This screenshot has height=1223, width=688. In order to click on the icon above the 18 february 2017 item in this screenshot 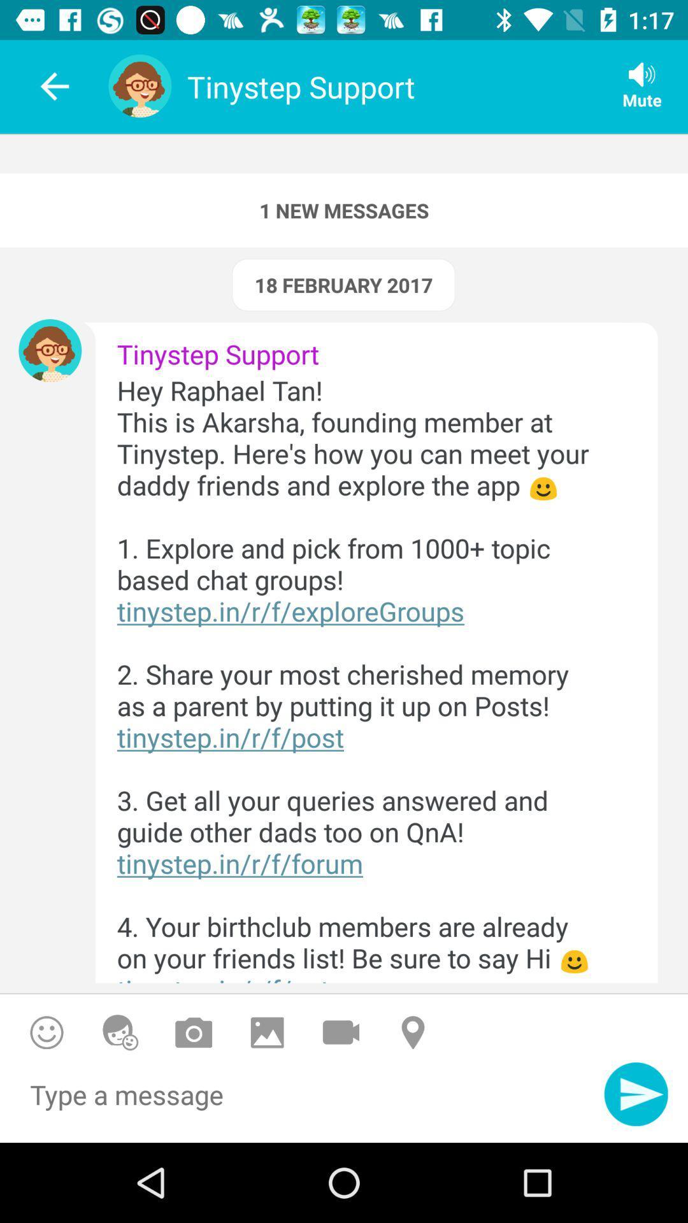, I will do `click(344, 210)`.